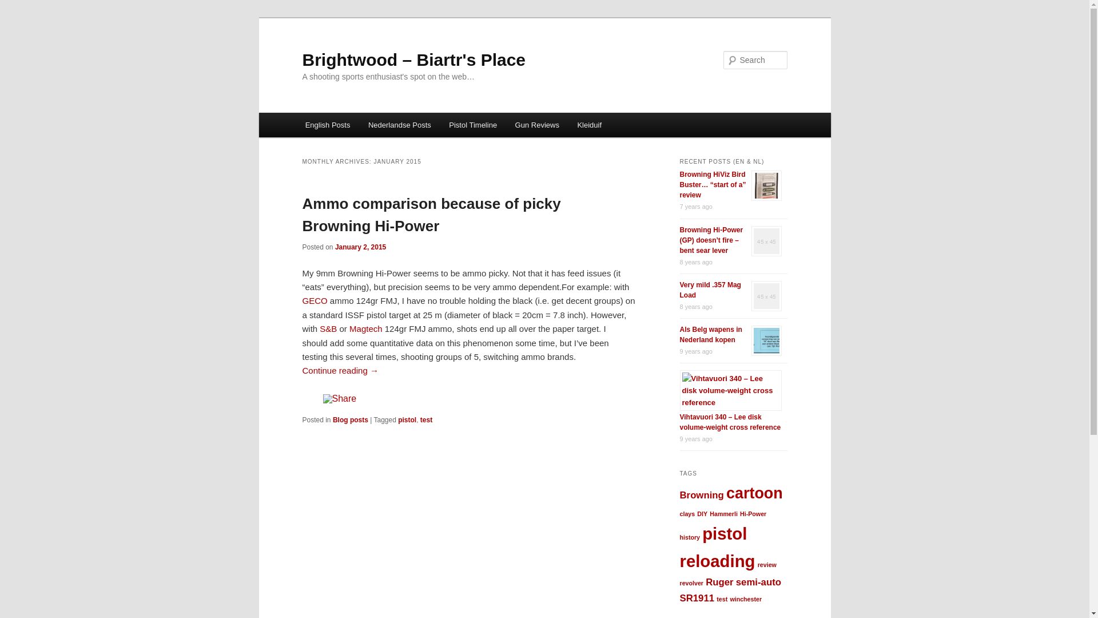 The image size is (1098, 618). What do you see at coordinates (332, 419) in the screenshot?
I see `'Blog posts'` at bounding box center [332, 419].